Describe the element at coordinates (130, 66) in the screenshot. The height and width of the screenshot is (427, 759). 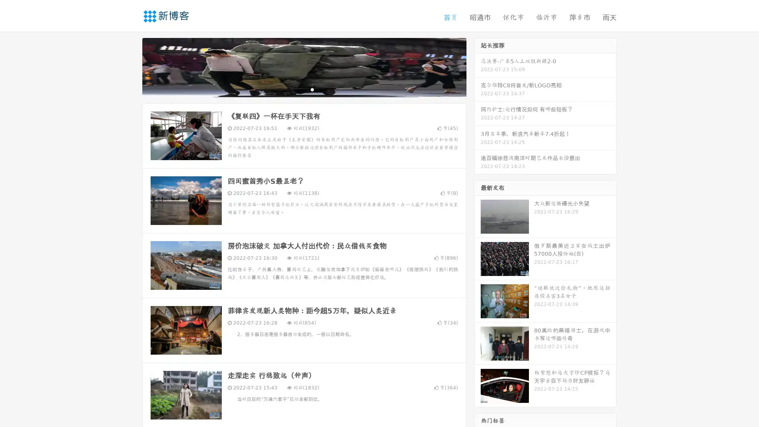
I see `Previous slide` at that location.